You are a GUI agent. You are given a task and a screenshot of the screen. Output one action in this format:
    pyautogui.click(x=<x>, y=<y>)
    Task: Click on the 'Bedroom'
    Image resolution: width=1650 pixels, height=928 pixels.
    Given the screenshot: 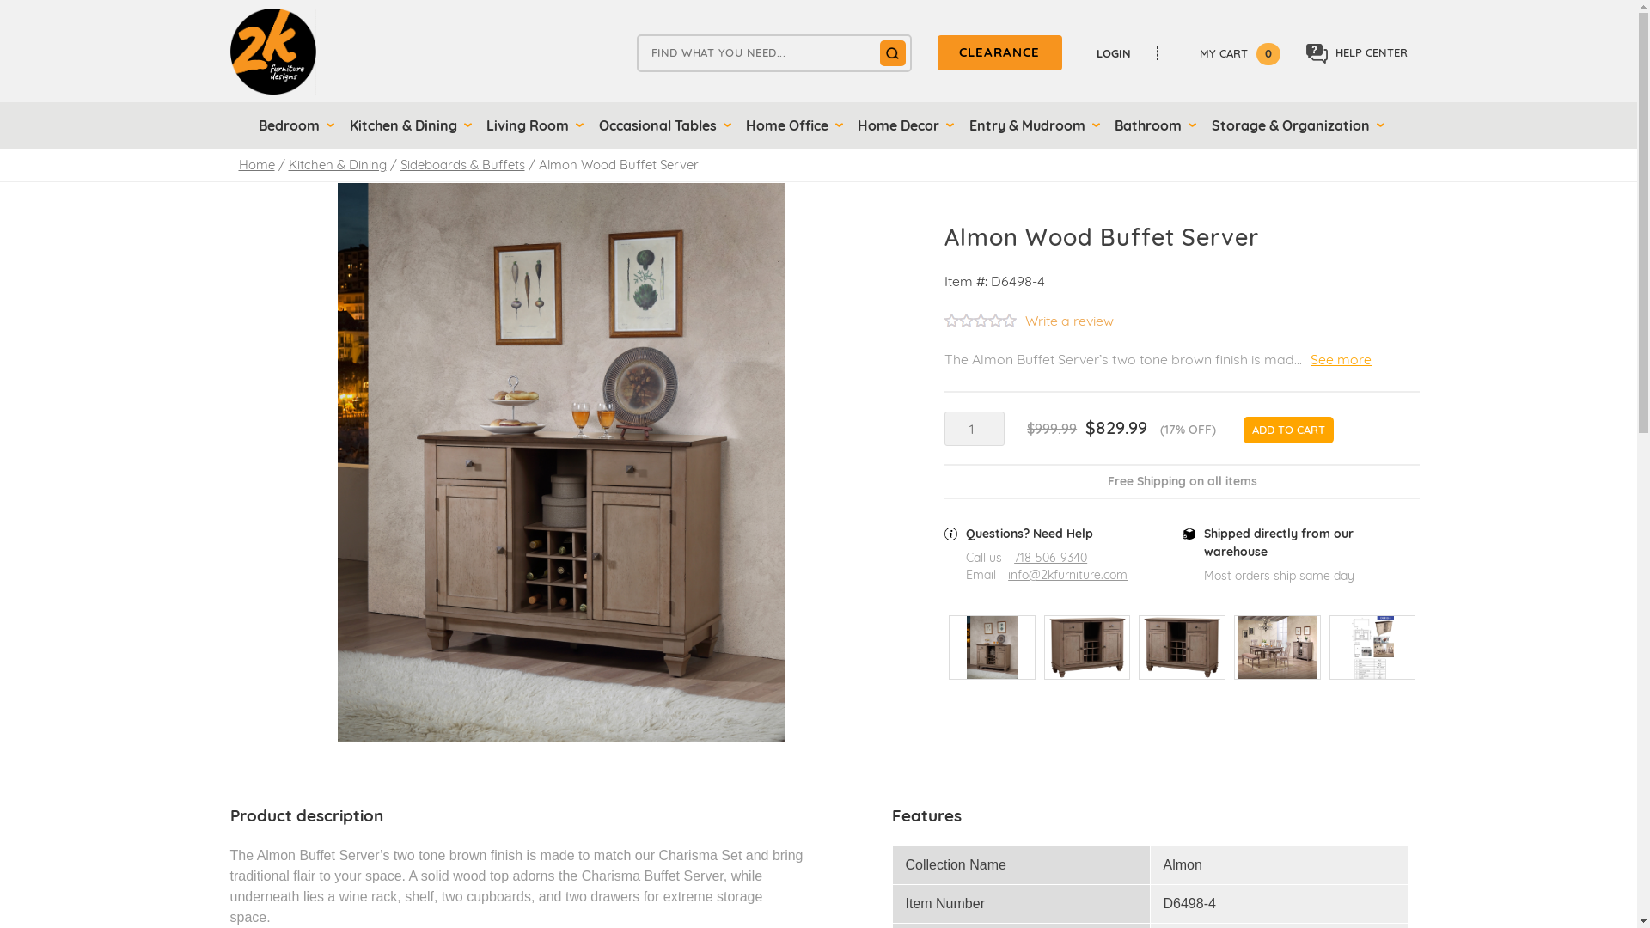 What is the action you would take?
    pyautogui.click(x=249, y=125)
    